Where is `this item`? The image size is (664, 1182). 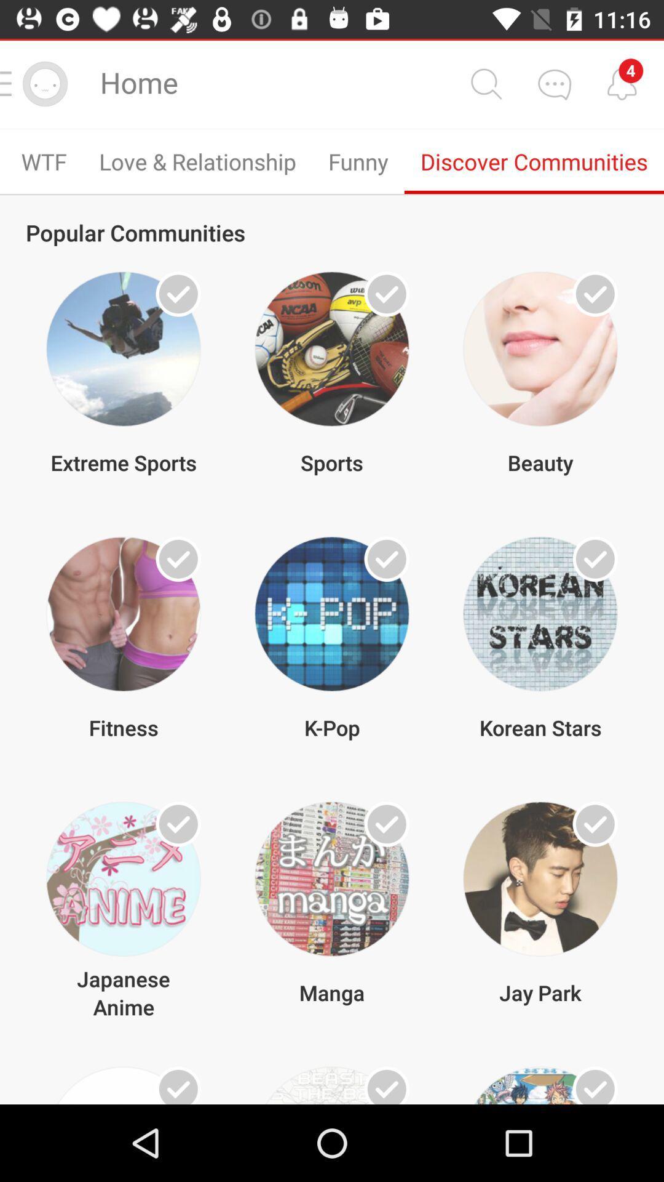
this item is located at coordinates (178, 1085).